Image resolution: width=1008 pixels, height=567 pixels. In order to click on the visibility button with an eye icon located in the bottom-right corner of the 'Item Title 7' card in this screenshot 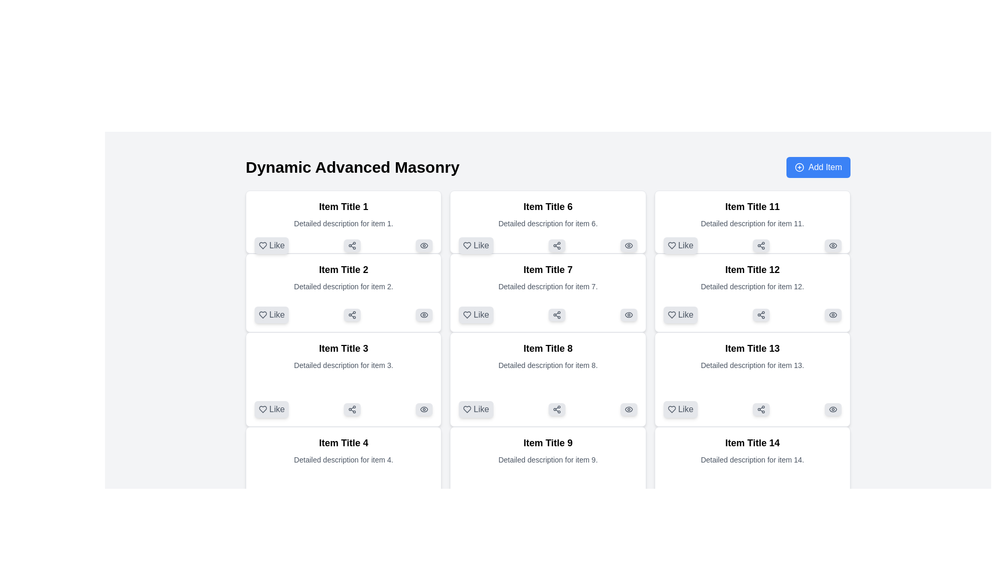, I will do `click(628, 314)`.